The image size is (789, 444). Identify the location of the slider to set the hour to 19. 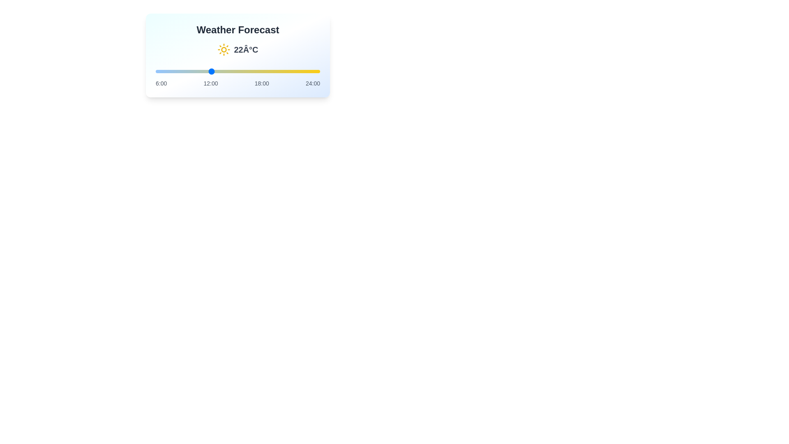
(274, 71).